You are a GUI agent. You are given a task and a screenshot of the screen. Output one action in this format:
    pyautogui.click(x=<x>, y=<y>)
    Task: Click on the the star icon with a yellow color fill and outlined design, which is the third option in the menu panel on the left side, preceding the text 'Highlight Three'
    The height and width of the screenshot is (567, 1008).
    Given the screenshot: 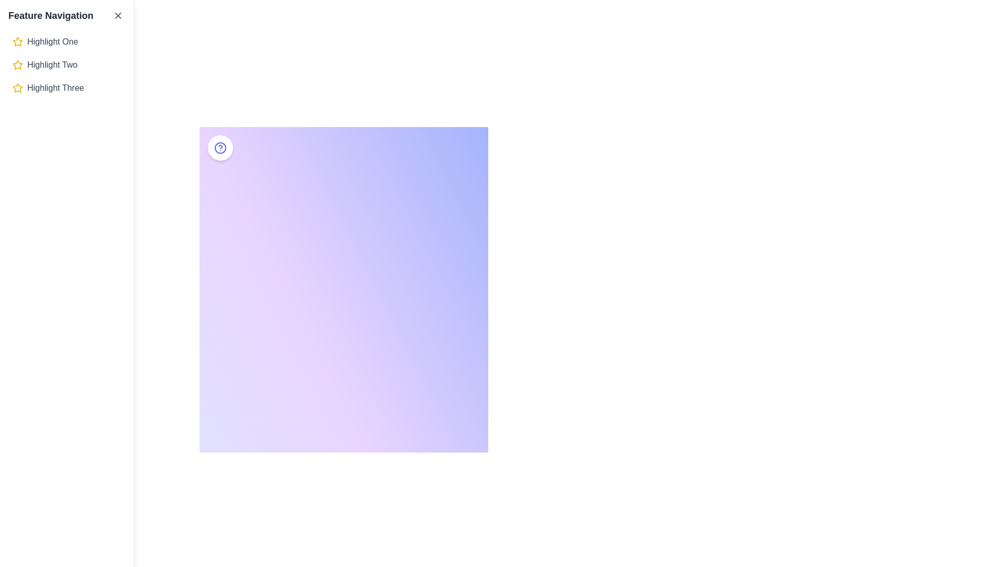 What is the action you would take?
    pyautogui.click(x=17, y=88)
    